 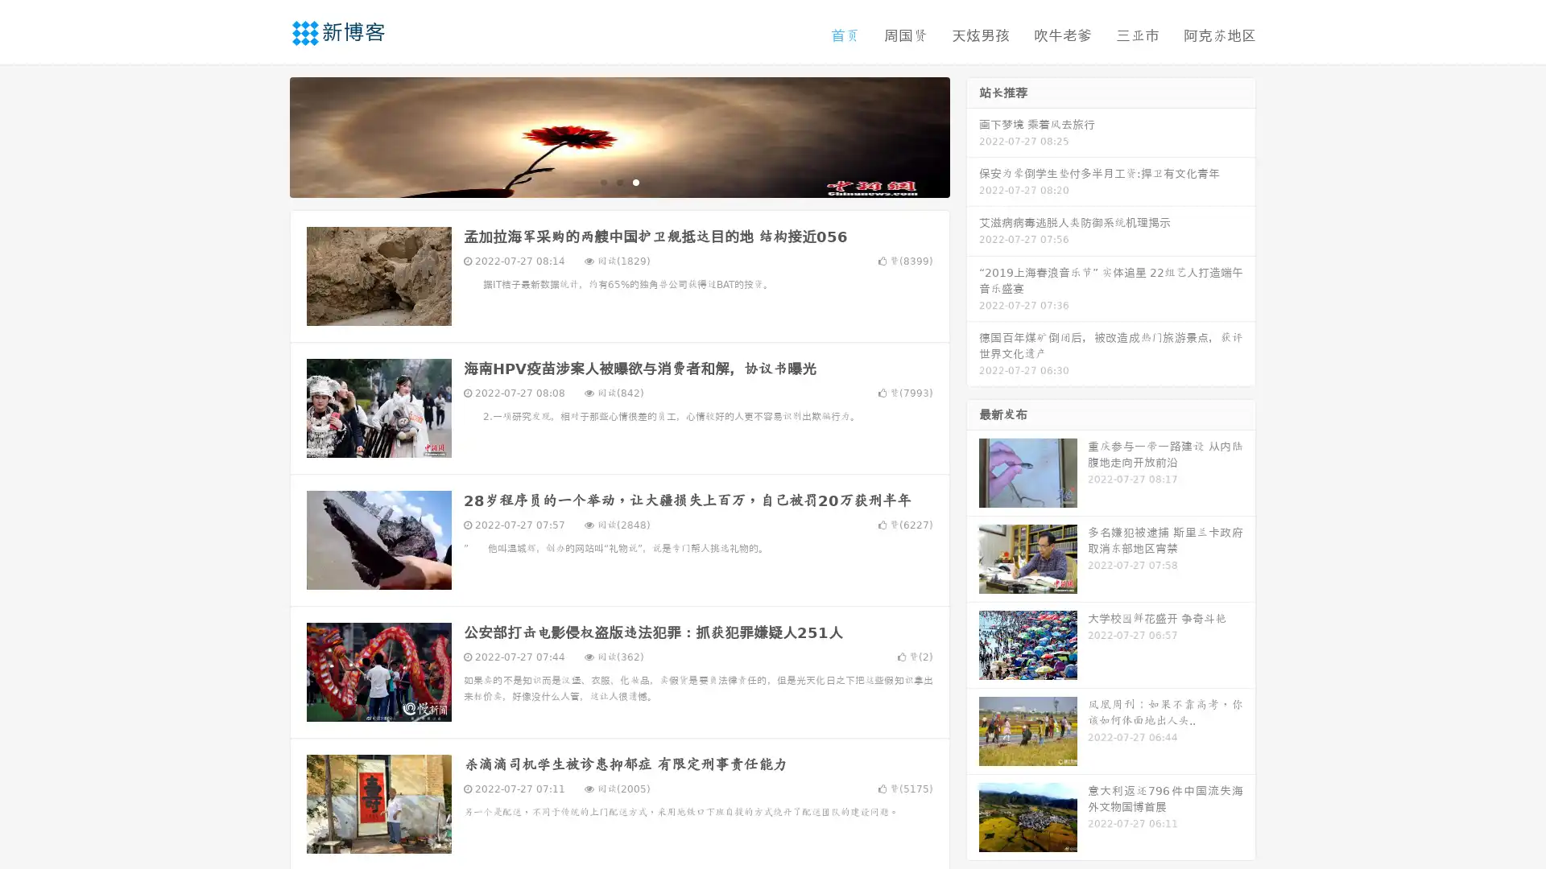 What do you see at coordinates (973, 135) in the screenshot?
I see `Next slide` at bounding box center [973, 135].